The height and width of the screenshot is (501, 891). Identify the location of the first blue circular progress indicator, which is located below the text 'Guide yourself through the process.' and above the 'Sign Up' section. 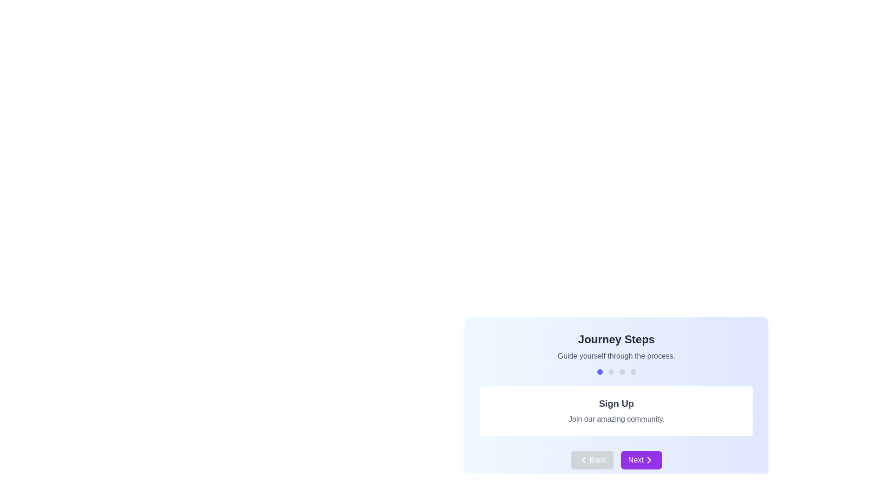
(600, 372).